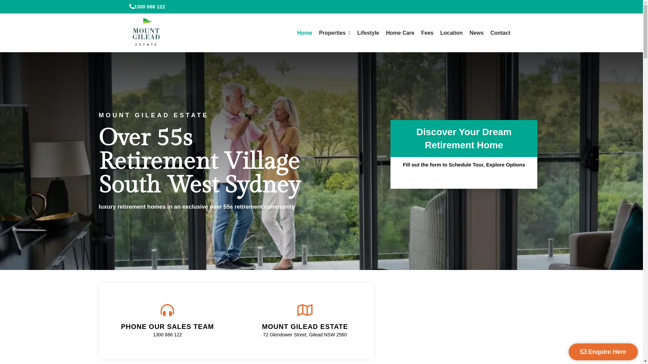 The image size is (648, 364). Describe the element at coordinates (294, 33) in the screenshot. I see `'Home'` at that location.